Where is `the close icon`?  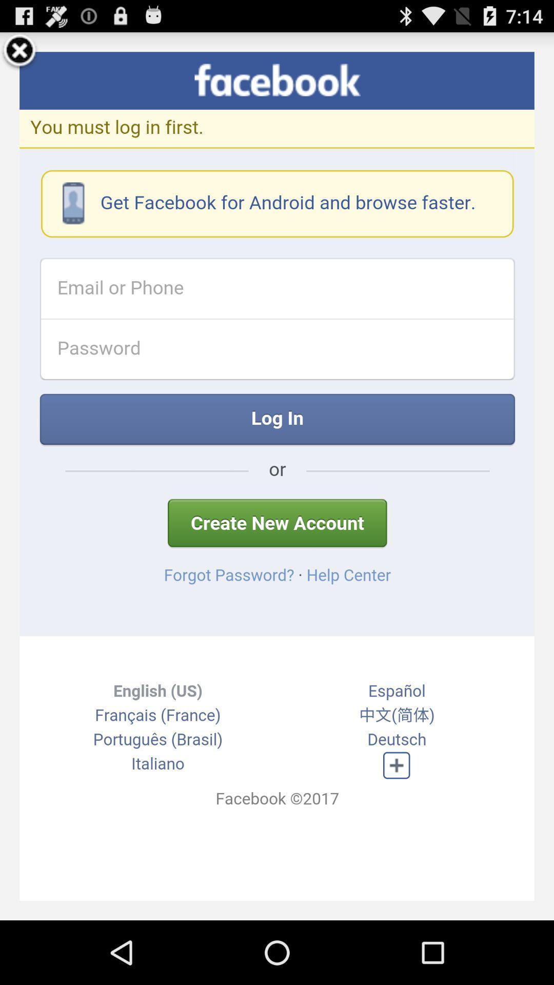
the close icon is located at coordinates (19, 55).